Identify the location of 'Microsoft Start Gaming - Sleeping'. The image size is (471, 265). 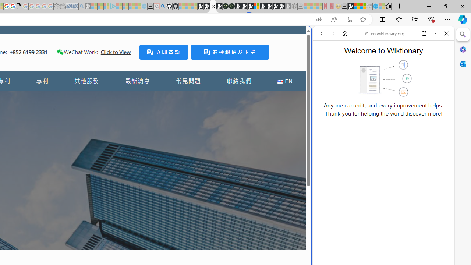
(88, 6).